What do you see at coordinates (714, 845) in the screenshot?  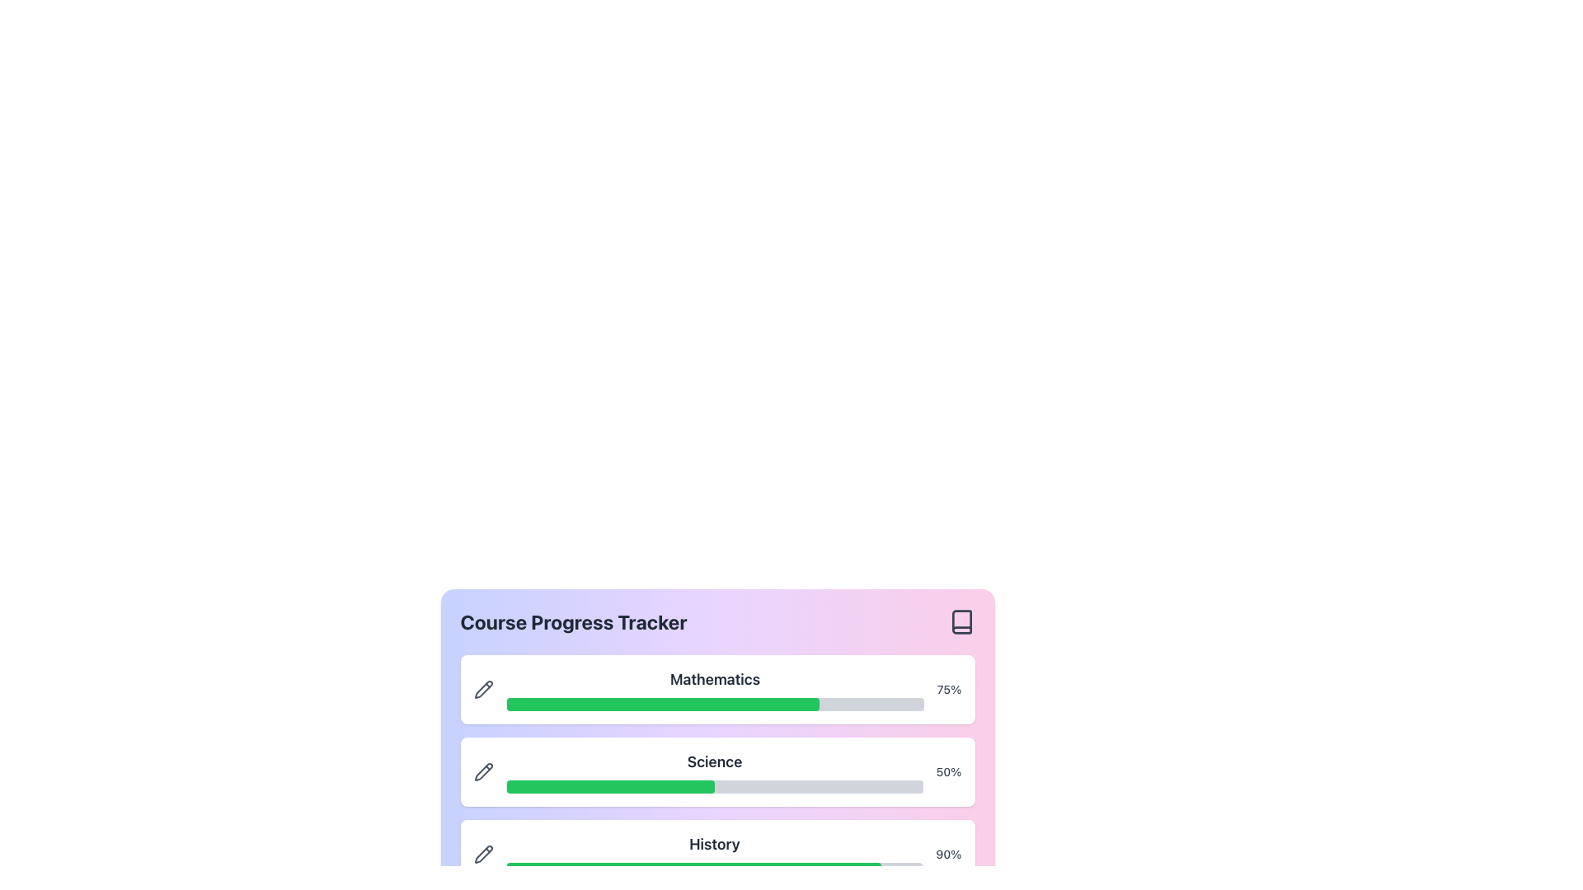 I see `'History' text label, which is positioned centrally above a green progress bar in the progress-tracking interface` at bounding box center [714, 845].